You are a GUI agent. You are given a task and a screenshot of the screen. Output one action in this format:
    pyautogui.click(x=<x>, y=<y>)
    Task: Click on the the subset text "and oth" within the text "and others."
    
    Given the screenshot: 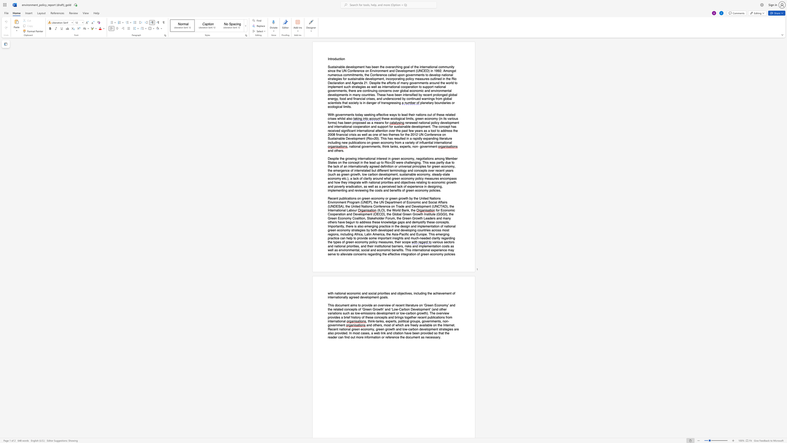 What is the action you would take?
    pyautogui.click(x=328, y=150)
    